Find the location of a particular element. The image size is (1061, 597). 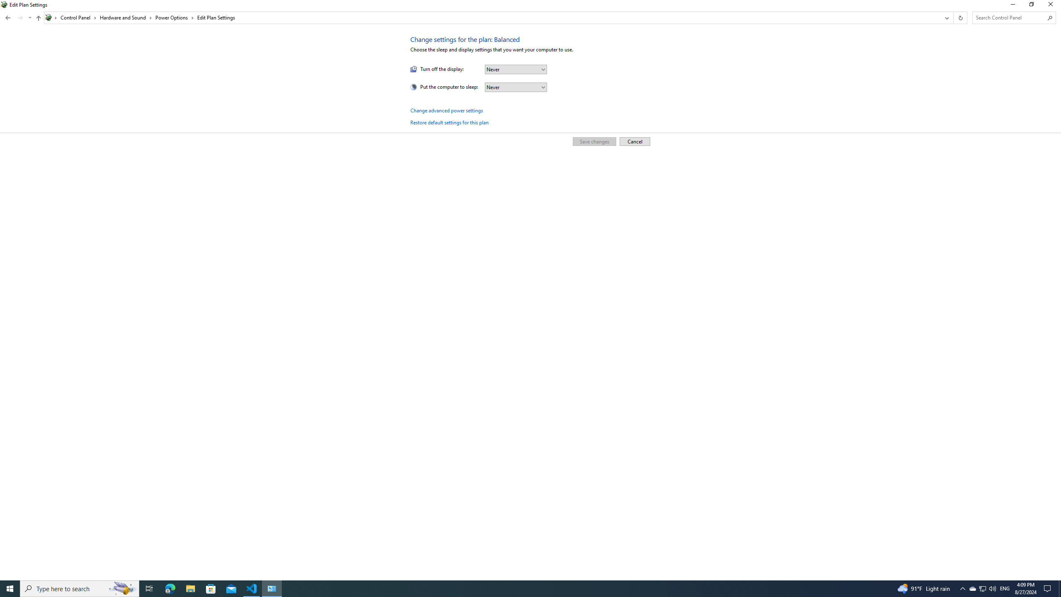

'Search' is located at coordinates (1050, 17).